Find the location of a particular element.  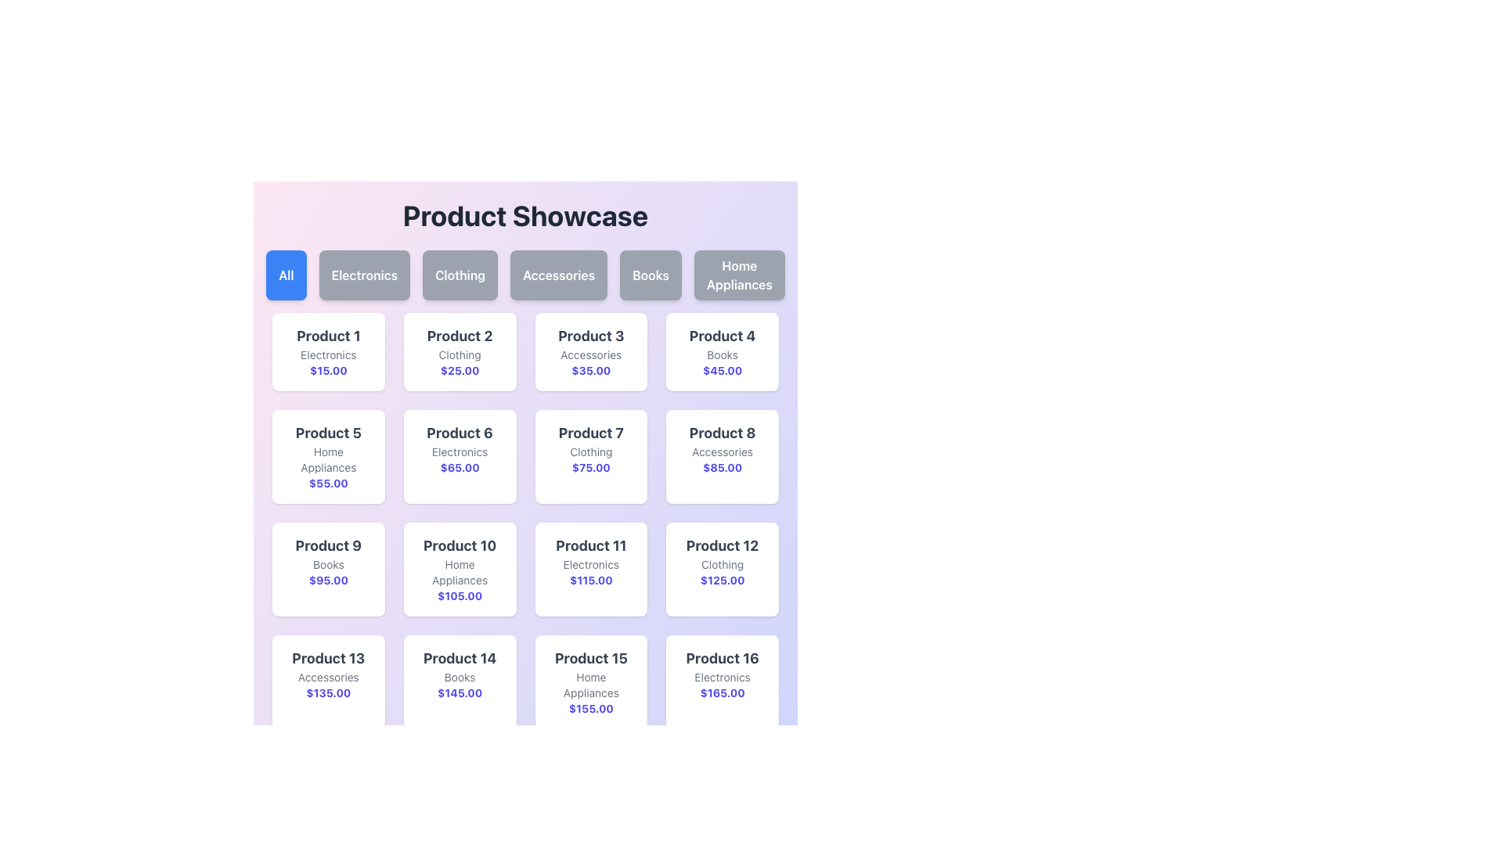

the Product information card for 'Product 13' in the Accessories category is located at coordinates (327, 681).